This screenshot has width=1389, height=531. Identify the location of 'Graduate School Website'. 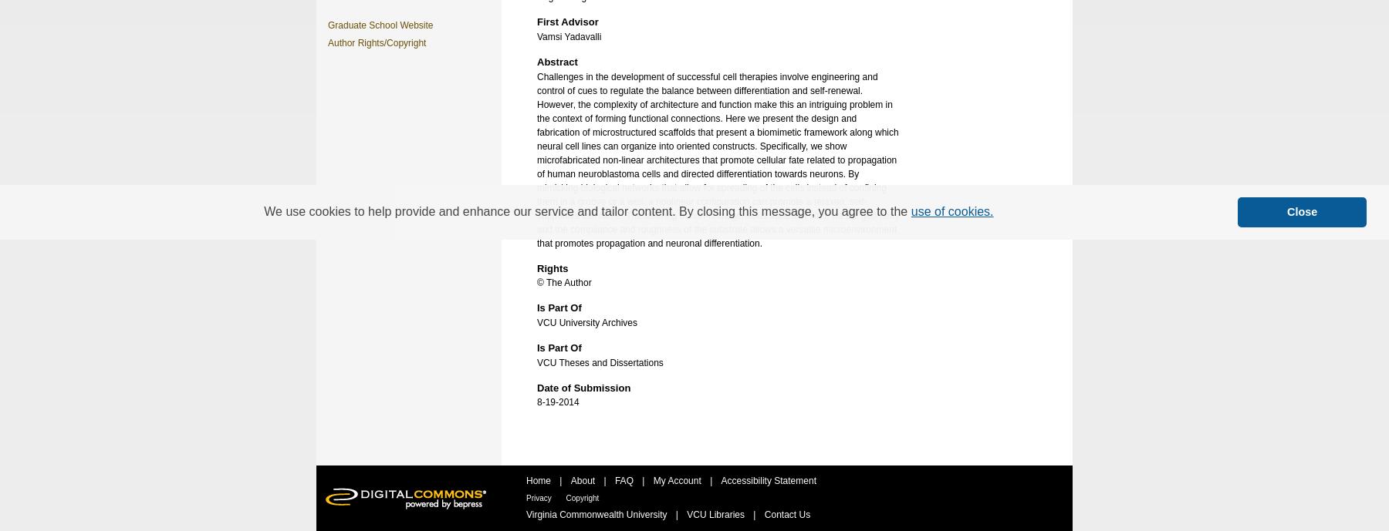
(380, 25).